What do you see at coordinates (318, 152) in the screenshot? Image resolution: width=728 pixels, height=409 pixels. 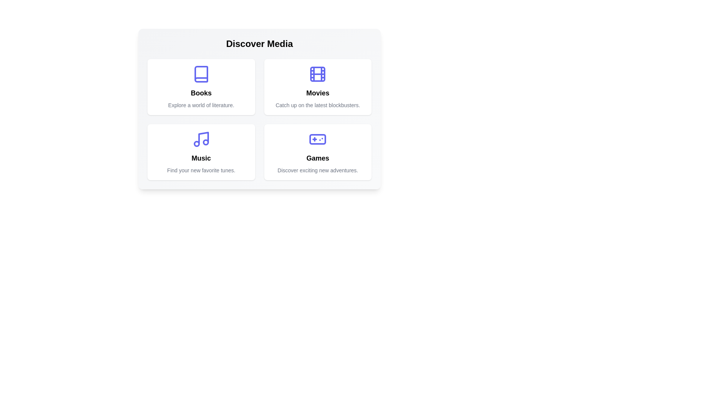 I see `the media category card for Games` at bounding box center [318, 152].